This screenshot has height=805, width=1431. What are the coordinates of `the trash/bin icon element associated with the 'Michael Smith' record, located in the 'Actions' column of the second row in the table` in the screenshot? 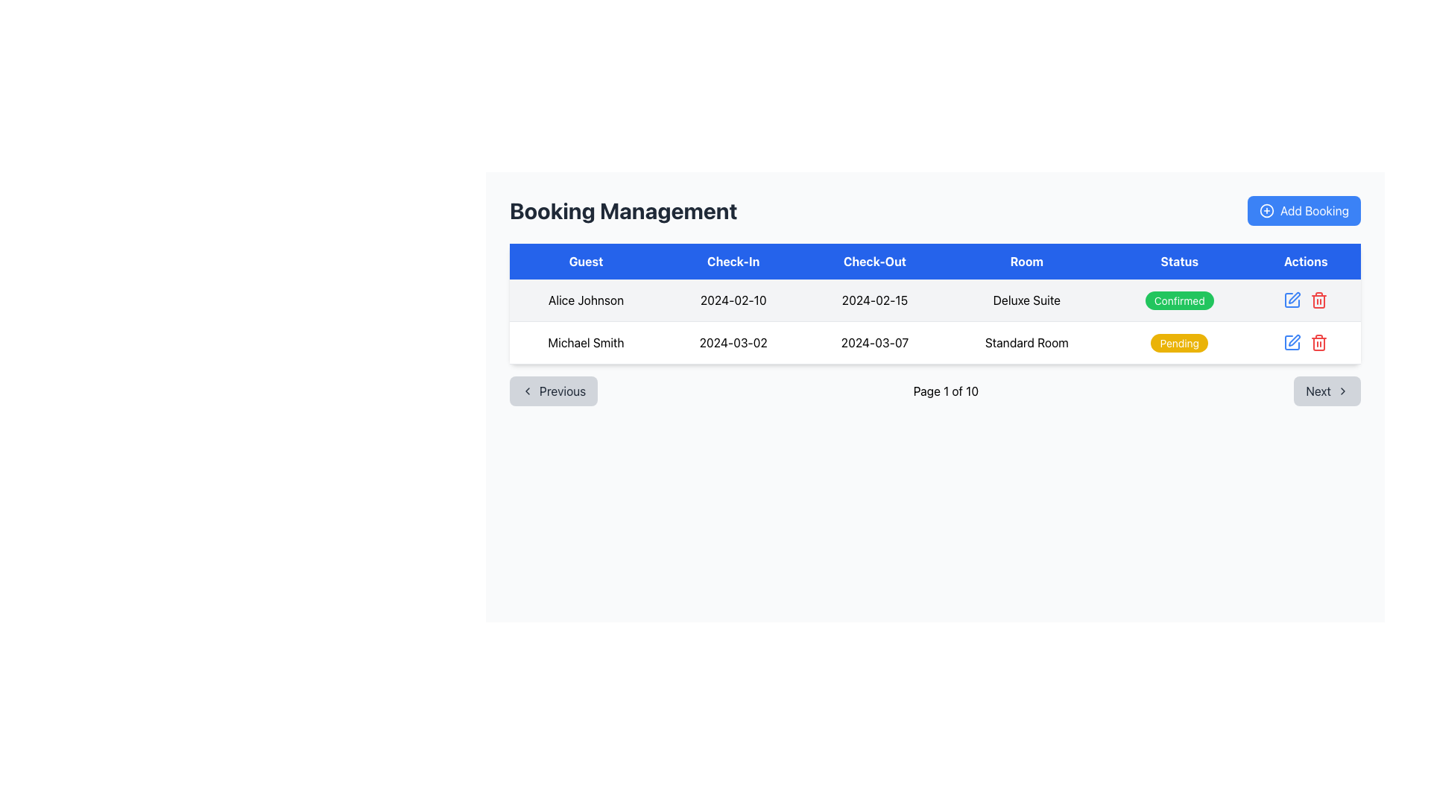 It's located at (1319, 344).